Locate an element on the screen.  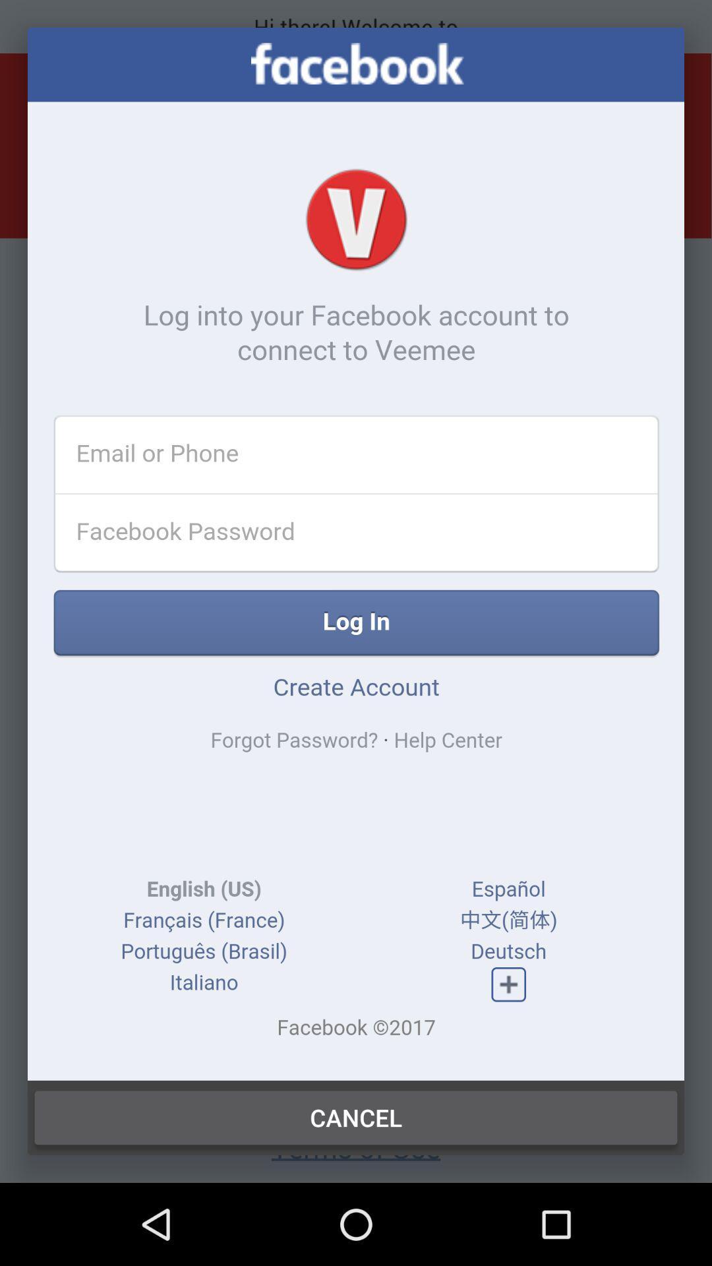
sign in to facebook is located at coordinates (356, 554).